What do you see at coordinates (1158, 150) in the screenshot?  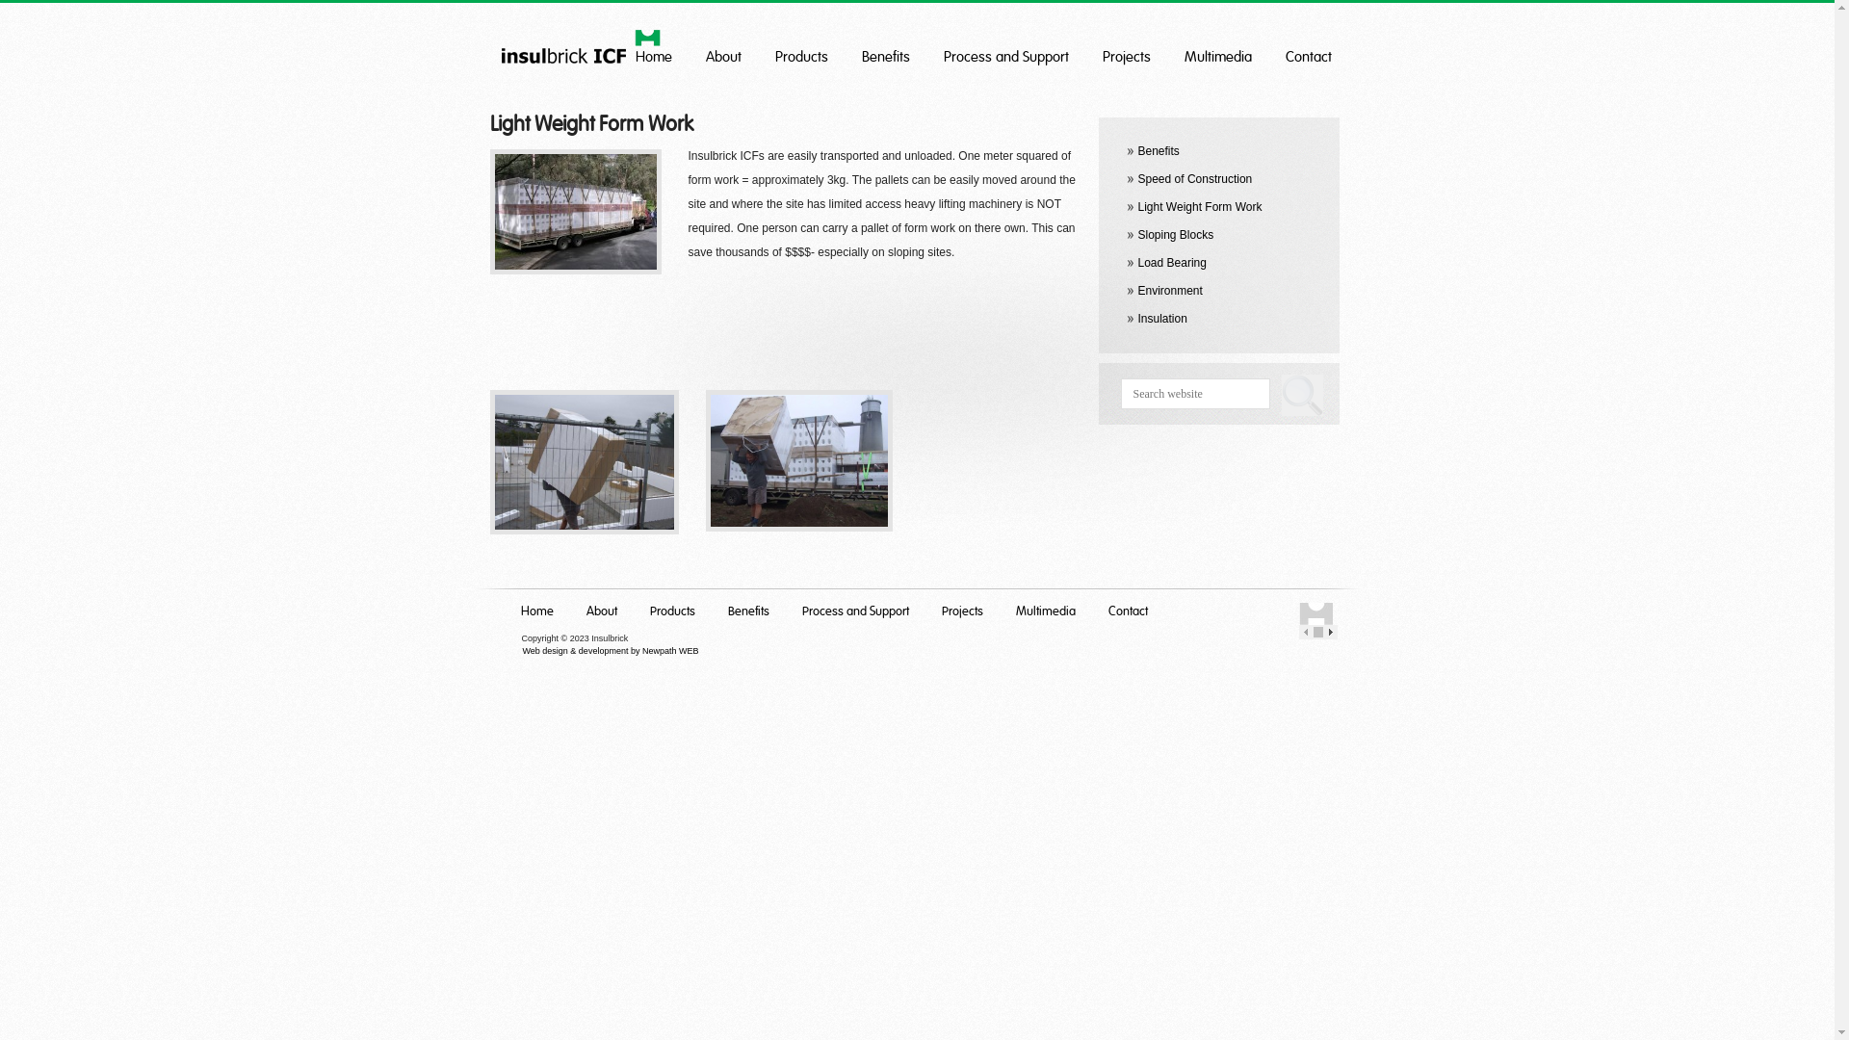 I see `'Benefits'` at bounding box center [1158, 150].